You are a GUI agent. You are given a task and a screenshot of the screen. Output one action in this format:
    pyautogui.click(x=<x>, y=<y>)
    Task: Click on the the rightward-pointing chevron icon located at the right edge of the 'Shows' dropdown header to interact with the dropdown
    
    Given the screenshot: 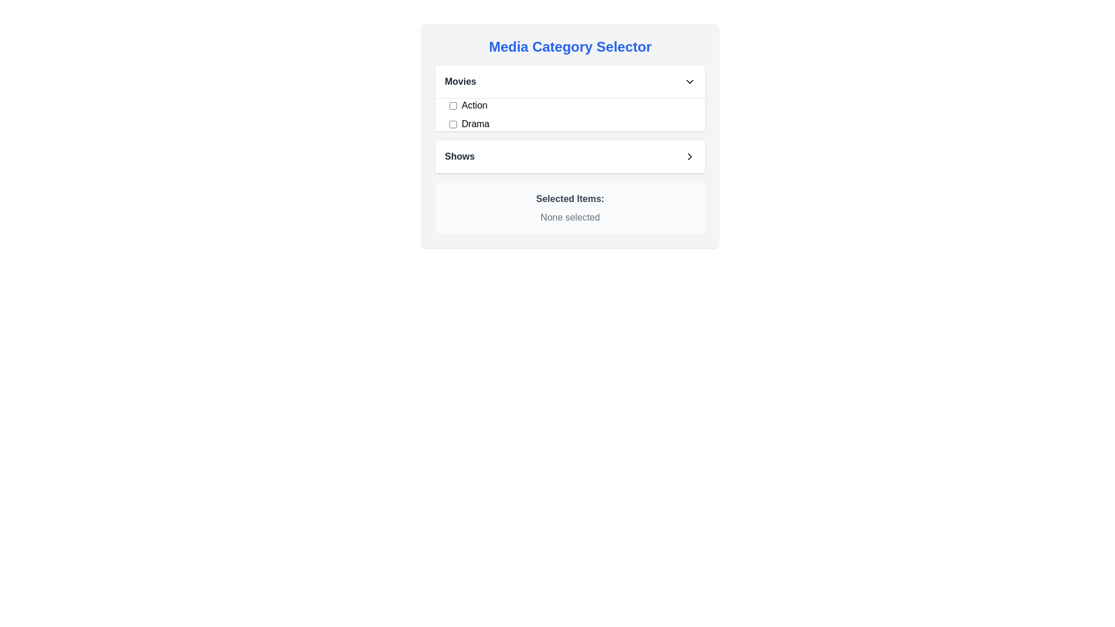 What is the action you would take?
    pyautogui.click(x=690, y=157)
    